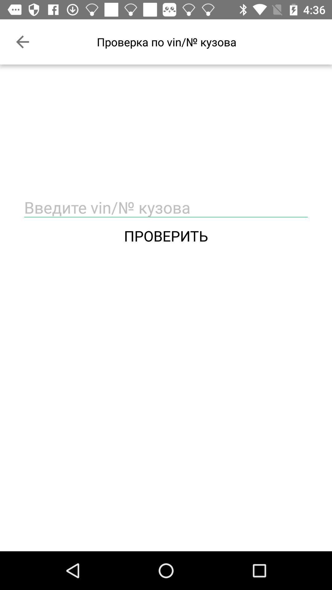  What do you see at coordinates (22, 41) in the screenshot?
I see `the item at the top left corner` at bounding box center [22, 41].